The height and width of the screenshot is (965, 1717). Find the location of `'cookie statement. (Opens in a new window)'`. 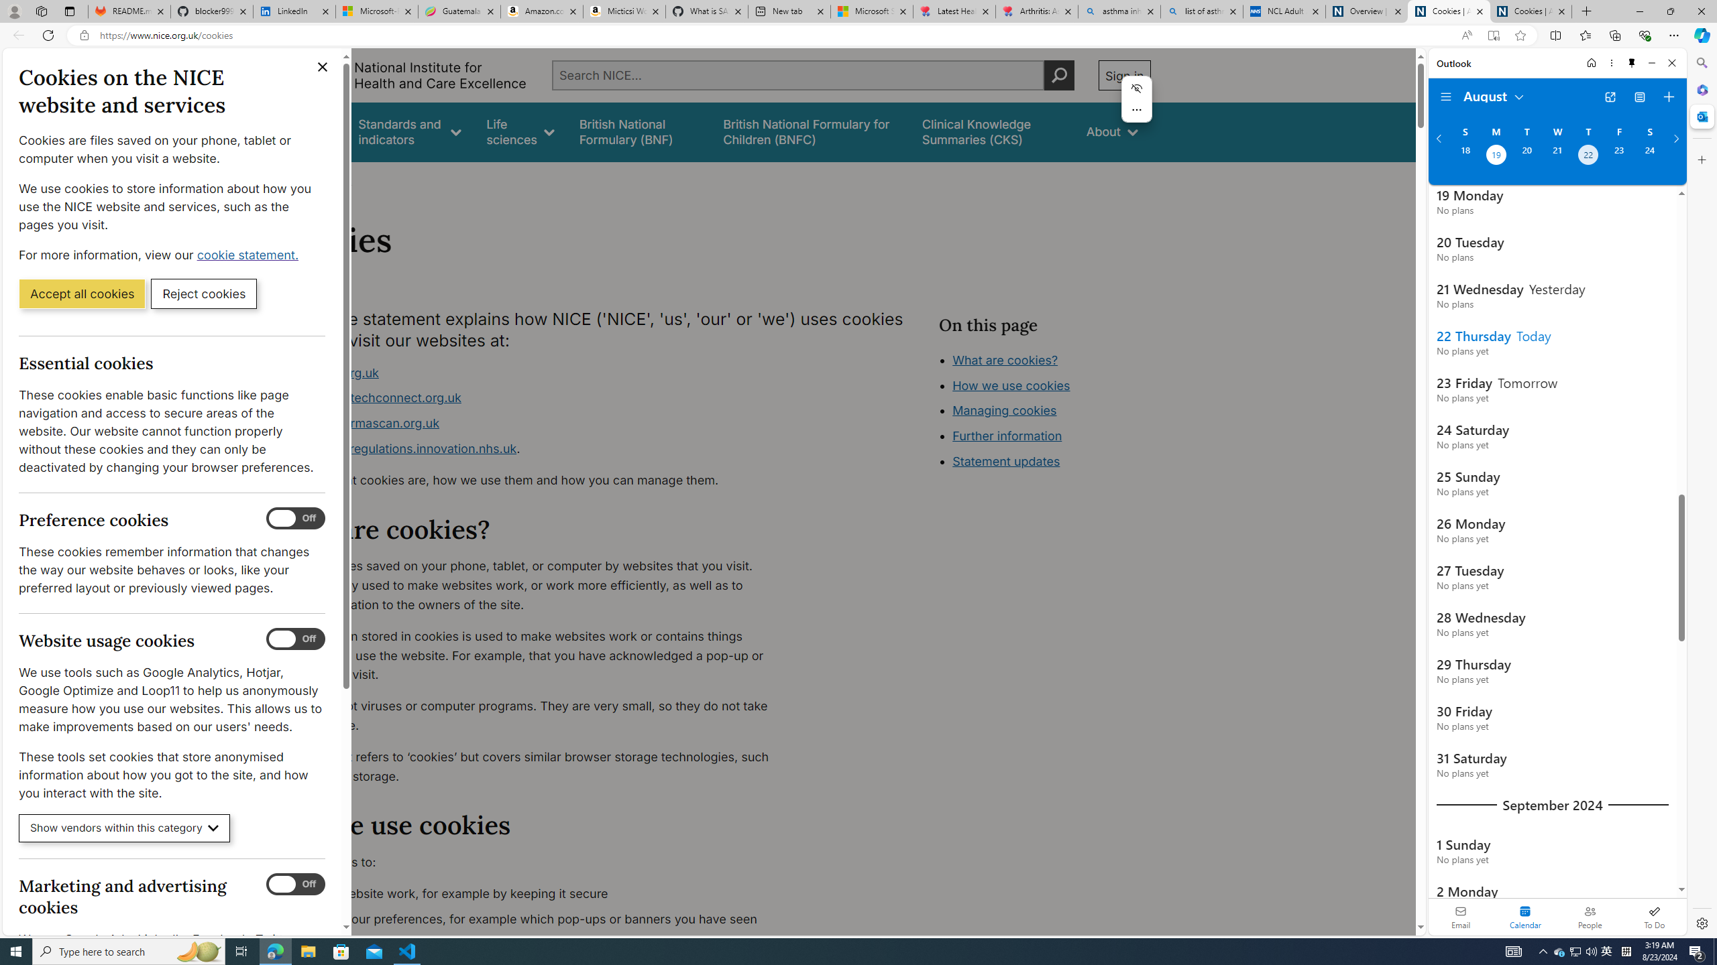

'cookie statement. (Opens in a new window)' is located at coordinates (249, 254).